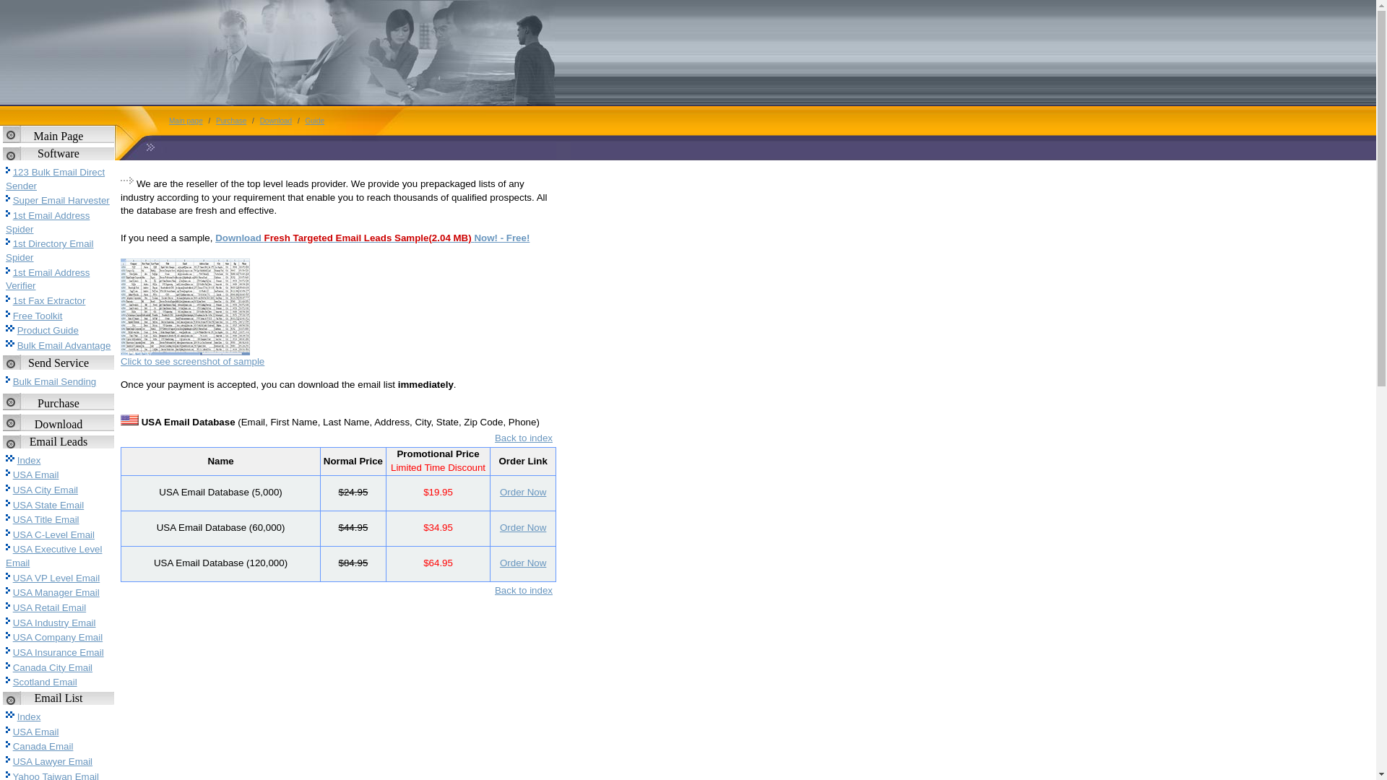 Image resolution: width=1387 pixels, height=780 pixels. What do you see at coordinates (52, 667) in the screenshot?
I see `'Canada City Email'` at bounding box center [52, 667].